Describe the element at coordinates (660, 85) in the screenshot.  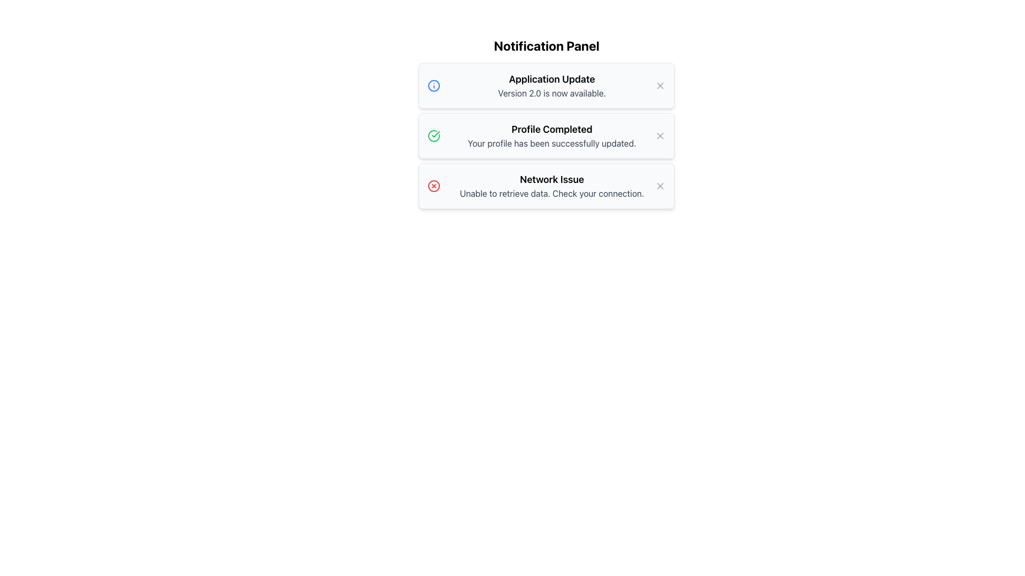
I see `the clickable 'X' icon in the top-right corner of the 'Application Update' notification box to change its color from gray to black` at that location.